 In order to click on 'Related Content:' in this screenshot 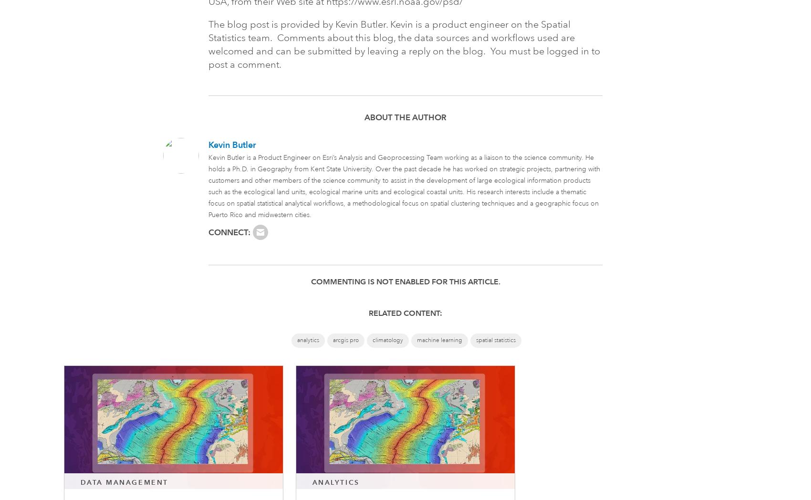, I will do `click(404, 313)`.